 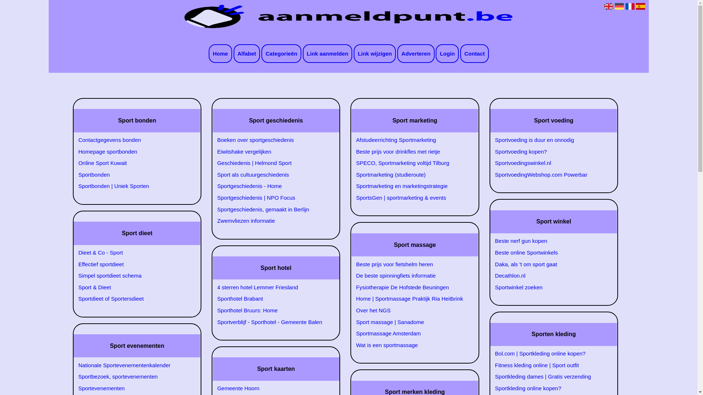 What do you see at coordinates (74, 365) in the screenshot?
I see `'Nationale Sportevenementenkalender'` at bounding box center [74, 365].